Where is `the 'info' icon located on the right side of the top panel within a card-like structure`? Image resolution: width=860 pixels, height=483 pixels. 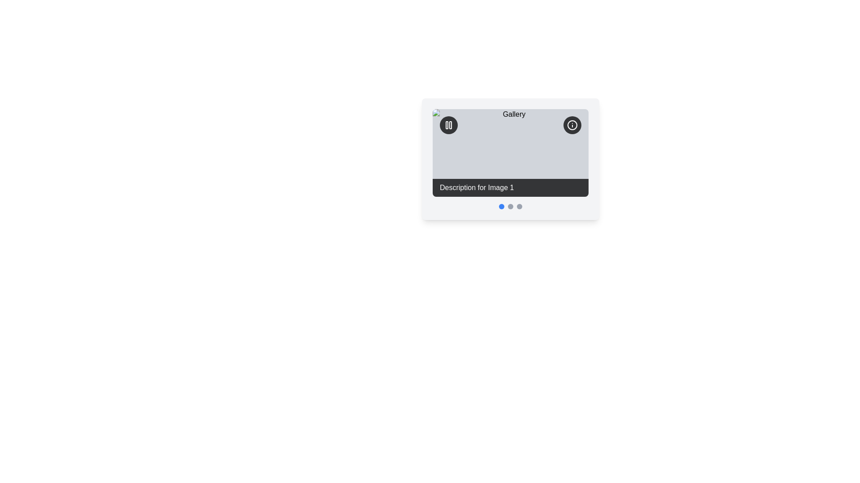
the 'info' icon located on the right side of the top panel within a card-like structure is located at coordinates (572, 125).